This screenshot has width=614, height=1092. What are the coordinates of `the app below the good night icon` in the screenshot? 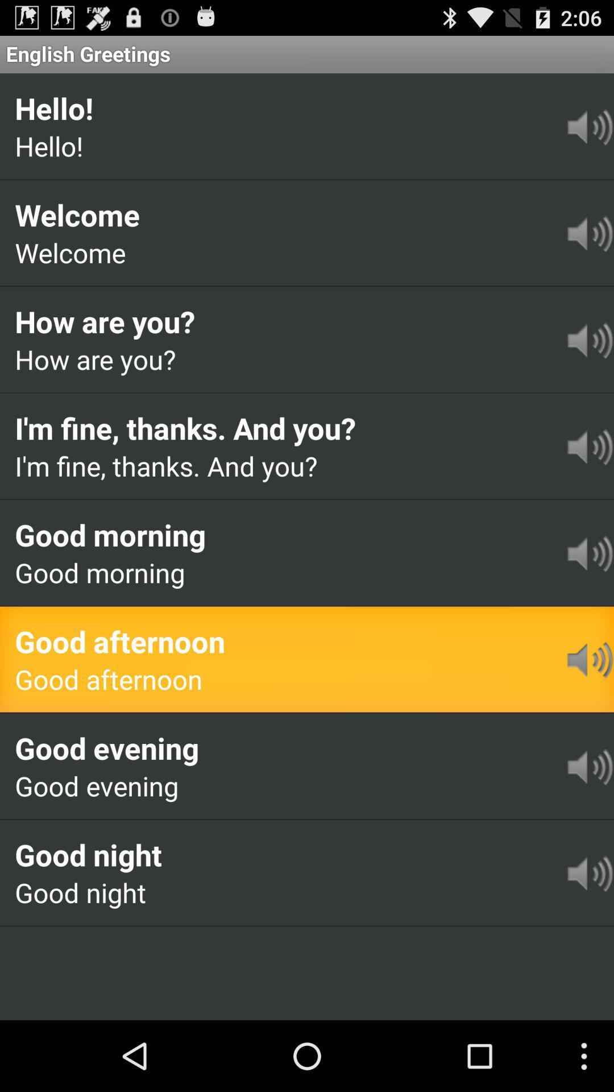 It's located at (74, 944).